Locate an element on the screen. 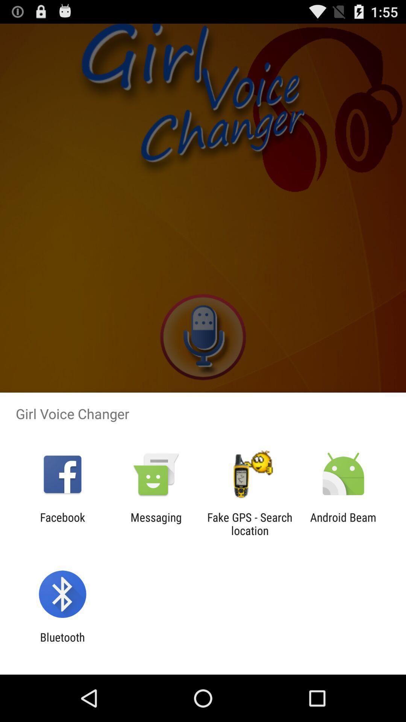 The image size is (406, 722). the icon to the left of messaging is located at coordinates (62, 523).